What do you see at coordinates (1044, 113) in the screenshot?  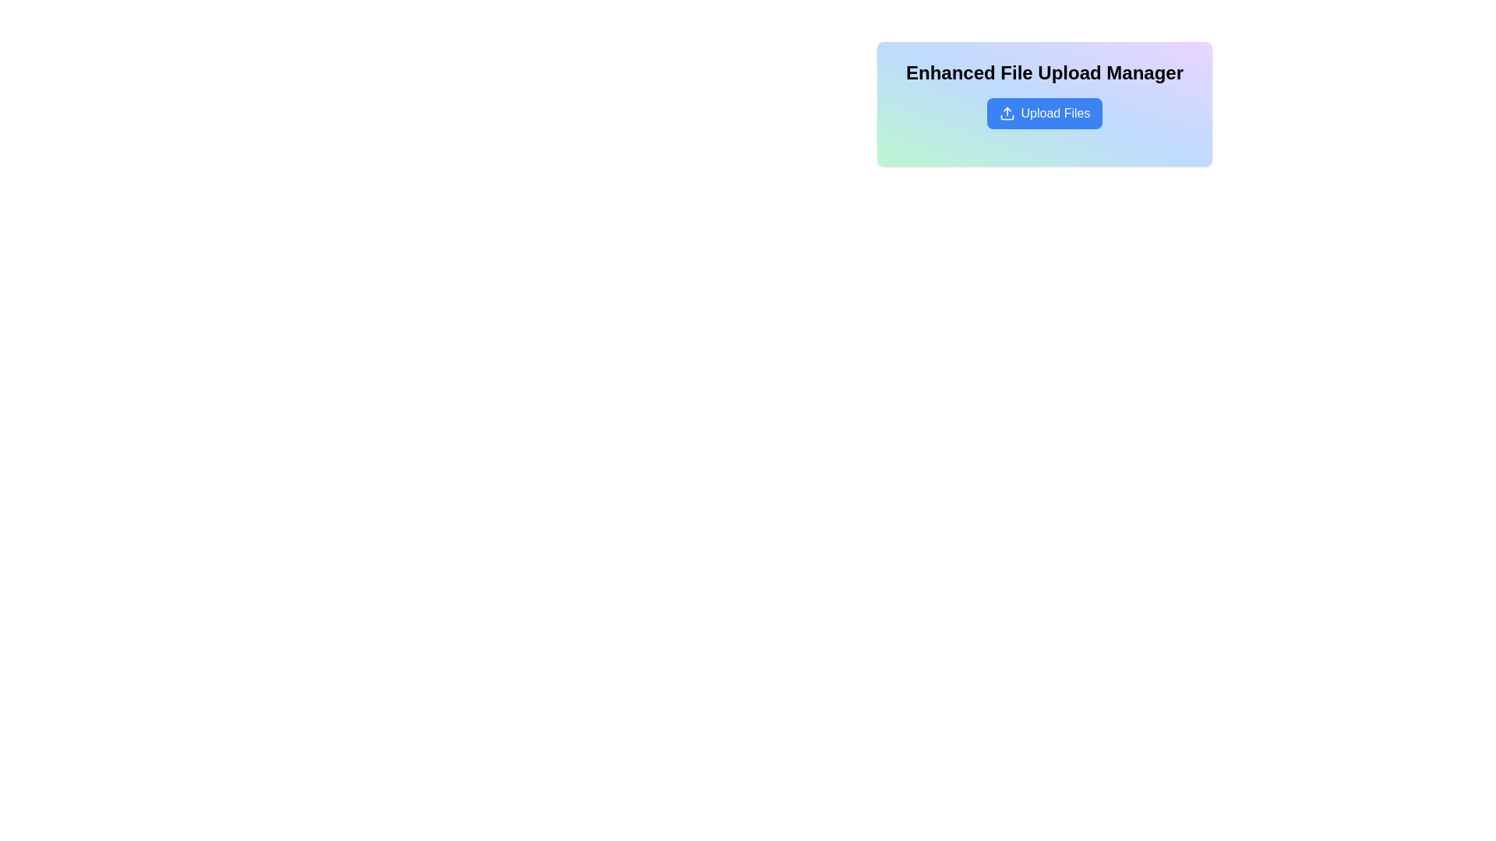 I see `the 'Upload Files' button with a blue background and white text, located beneath the 'Enhanced File Upload Manager' heading` at bounding box center [1044, 113].